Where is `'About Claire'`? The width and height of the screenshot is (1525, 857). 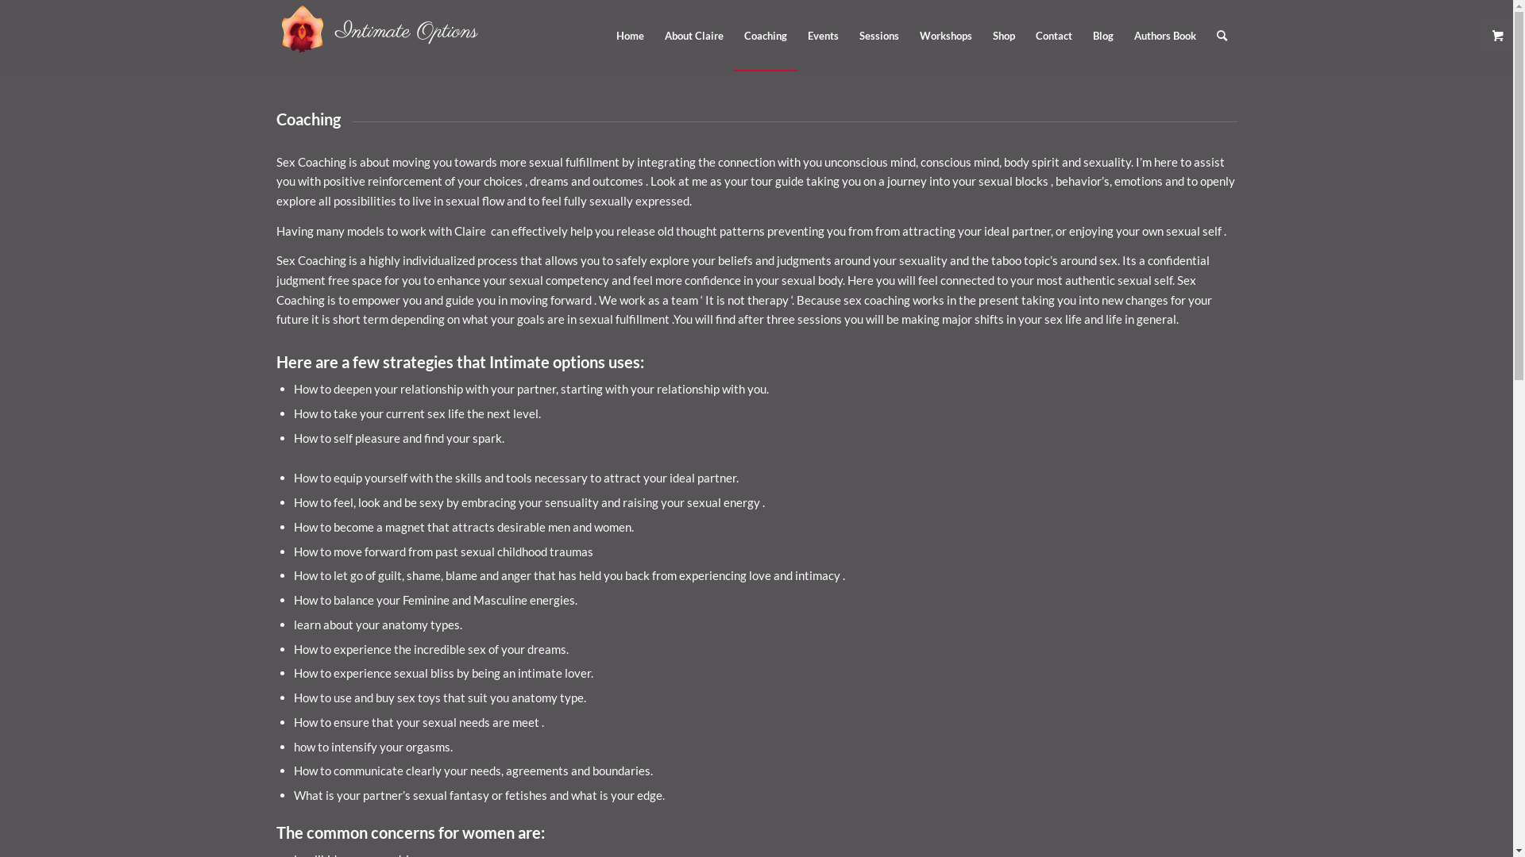 'About Claire' is located at coordinates (693, 36).